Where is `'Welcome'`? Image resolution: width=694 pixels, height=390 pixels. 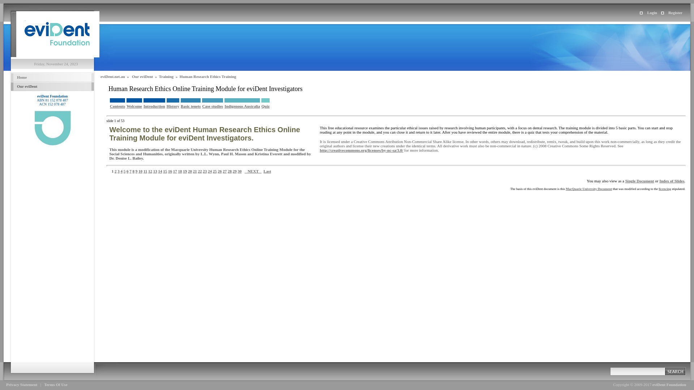 'Welcome' is located at coordinates (134, 106).